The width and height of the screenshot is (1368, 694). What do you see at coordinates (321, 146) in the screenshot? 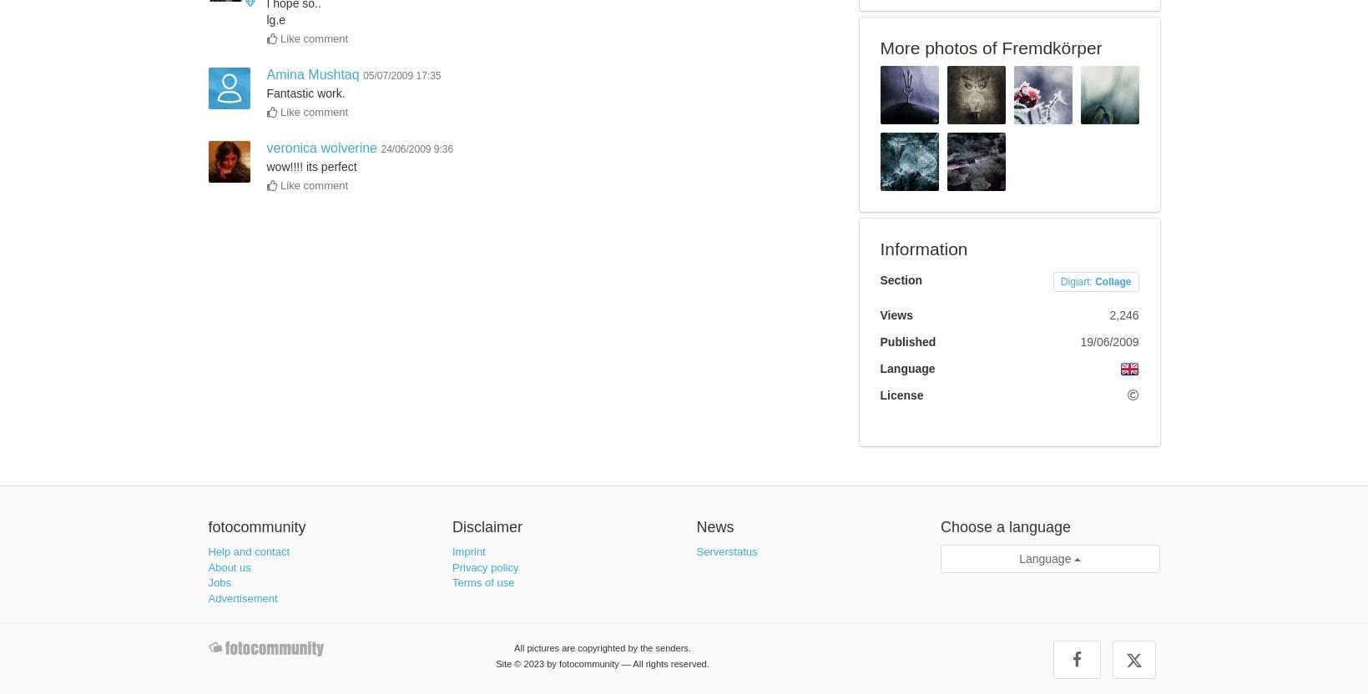
I see `'veronica wolverine'` at bounding box center [321, 146].